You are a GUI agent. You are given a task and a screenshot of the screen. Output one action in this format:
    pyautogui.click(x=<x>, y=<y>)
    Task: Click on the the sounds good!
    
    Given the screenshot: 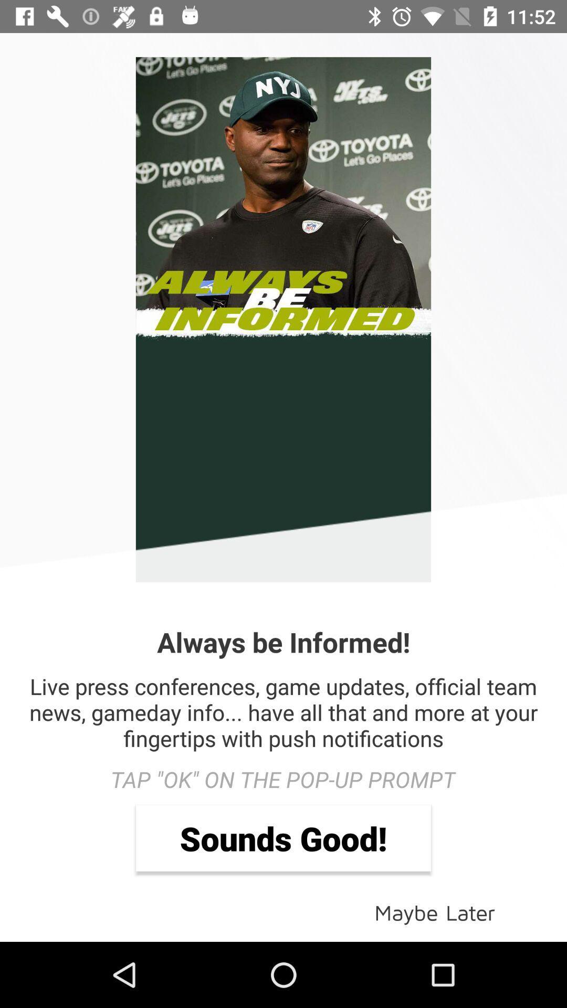 What is the action you would take?
    pyautogui.click(x=283, y=837)
    